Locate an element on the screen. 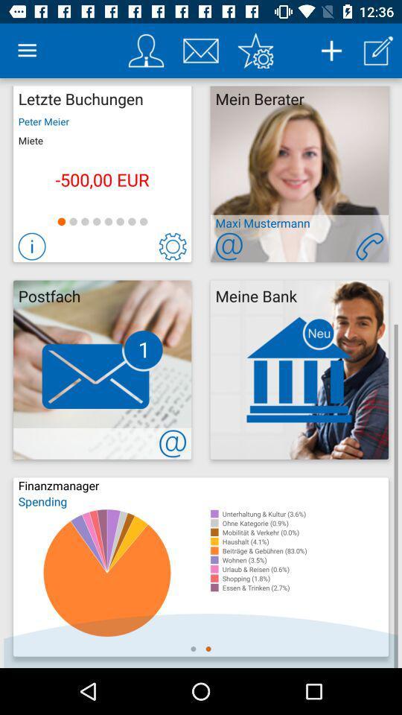  the item above letzte buchungen icon is located at coordinates (27, 51).